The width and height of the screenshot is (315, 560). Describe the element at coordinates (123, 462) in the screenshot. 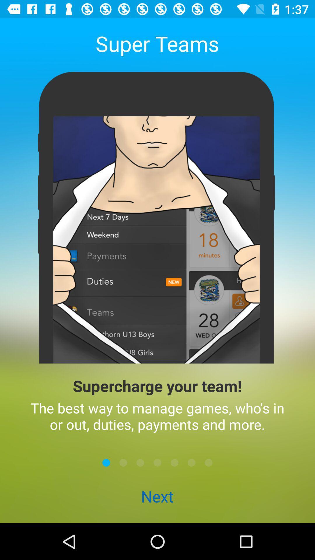

I see `next` at that location.